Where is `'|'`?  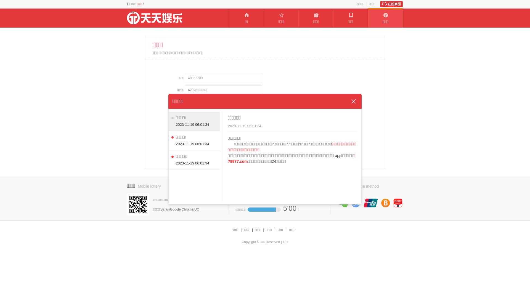
'|' is located at coordinates (275, 230).